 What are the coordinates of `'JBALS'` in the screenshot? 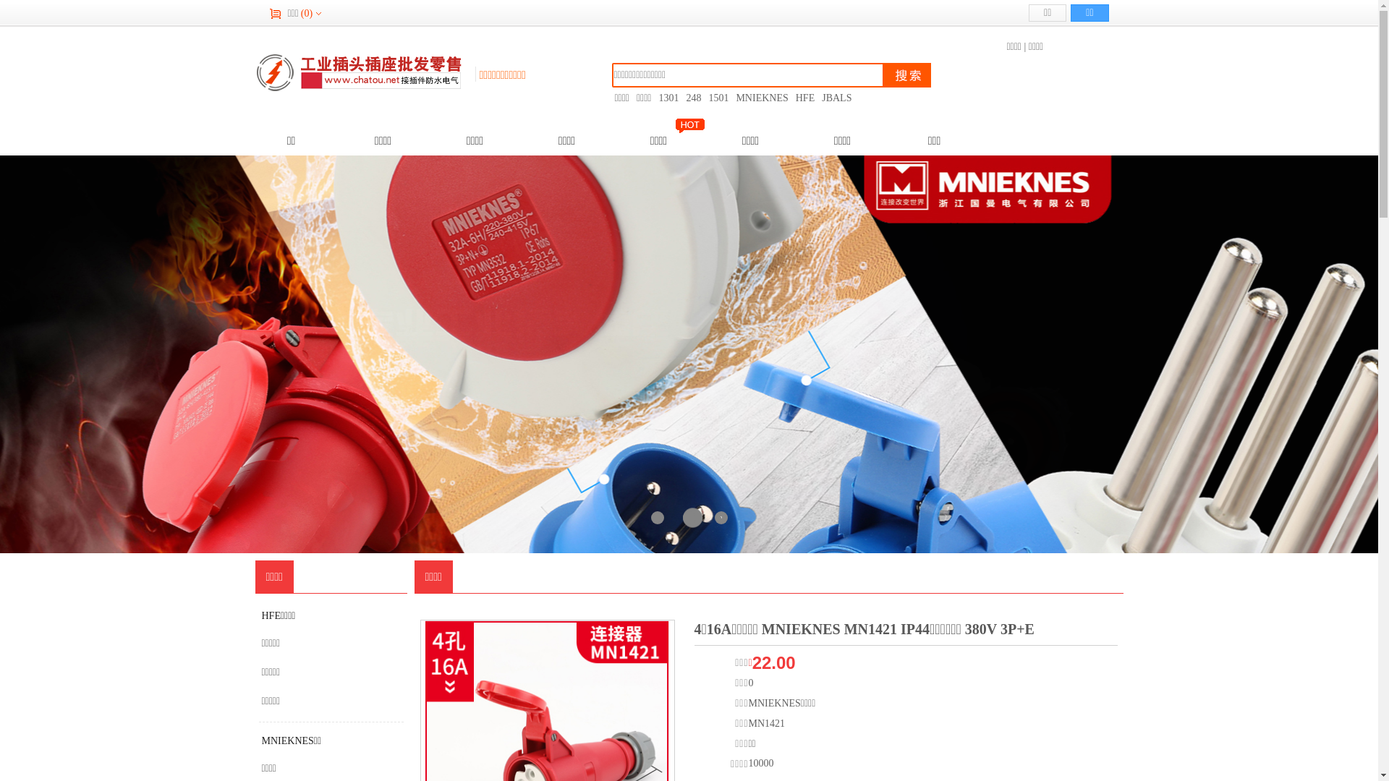 It's located at (836, 98).